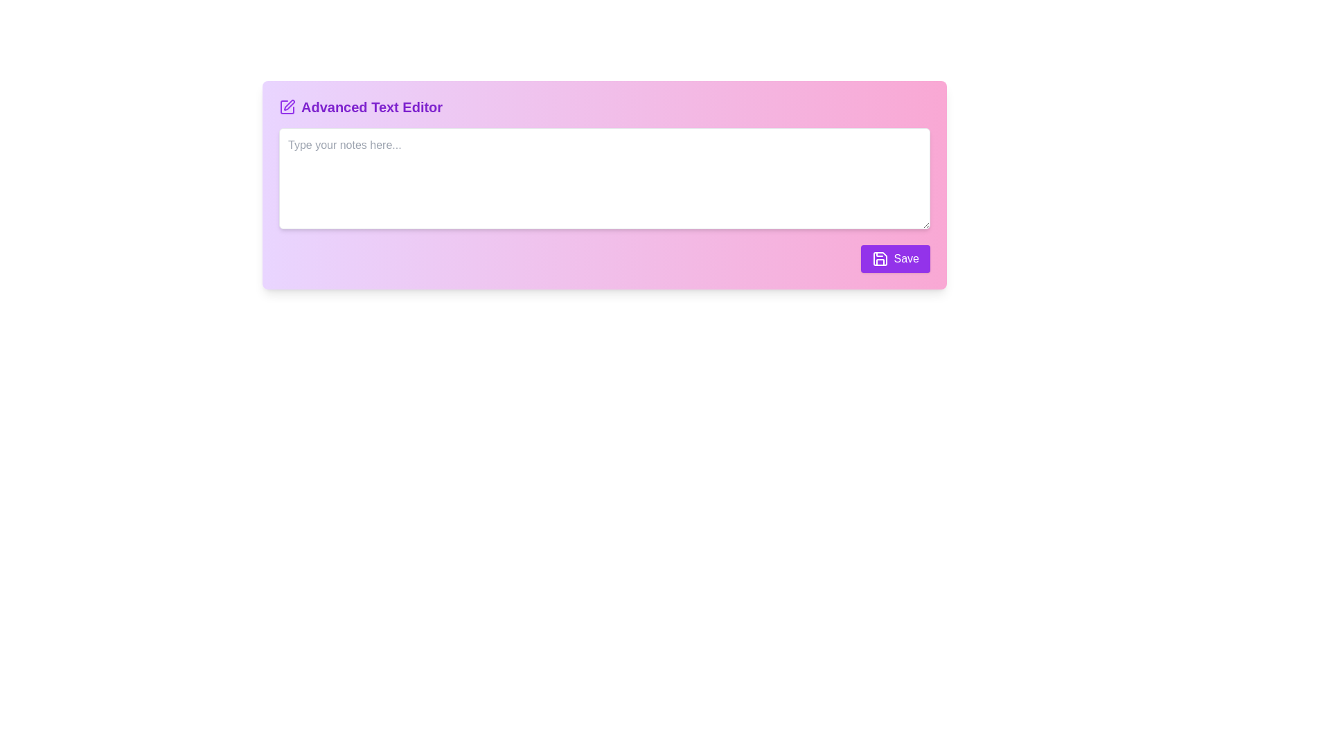 The width and height of the screenshot is (1330, 748). What do you see at coordinates (372, 106) in the screenshot?
I see `label 'Advanced Text Editor' which is located at the top-left corner of the main editor interface, immediately to the right of the purple square pen icon` at bounding box center [372, 106].